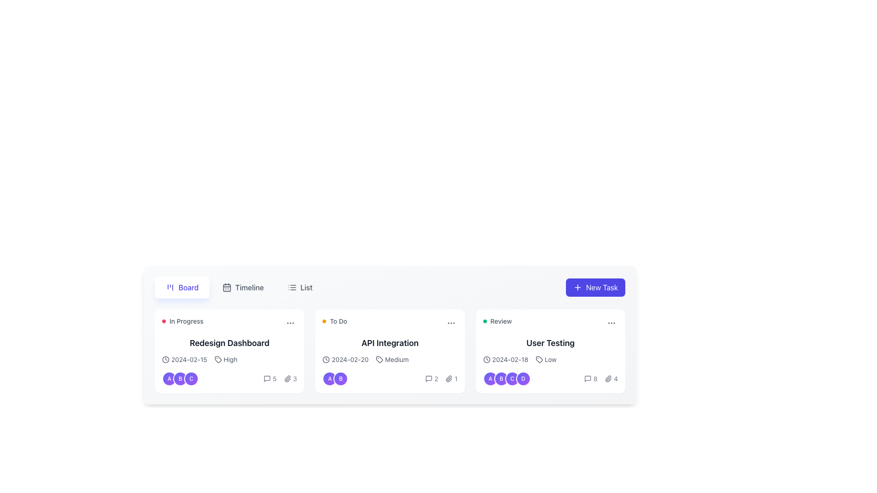 This screenshot has height=493, width=877. I want to click on the date text under the task title 'API Integration', so click(345, 359).